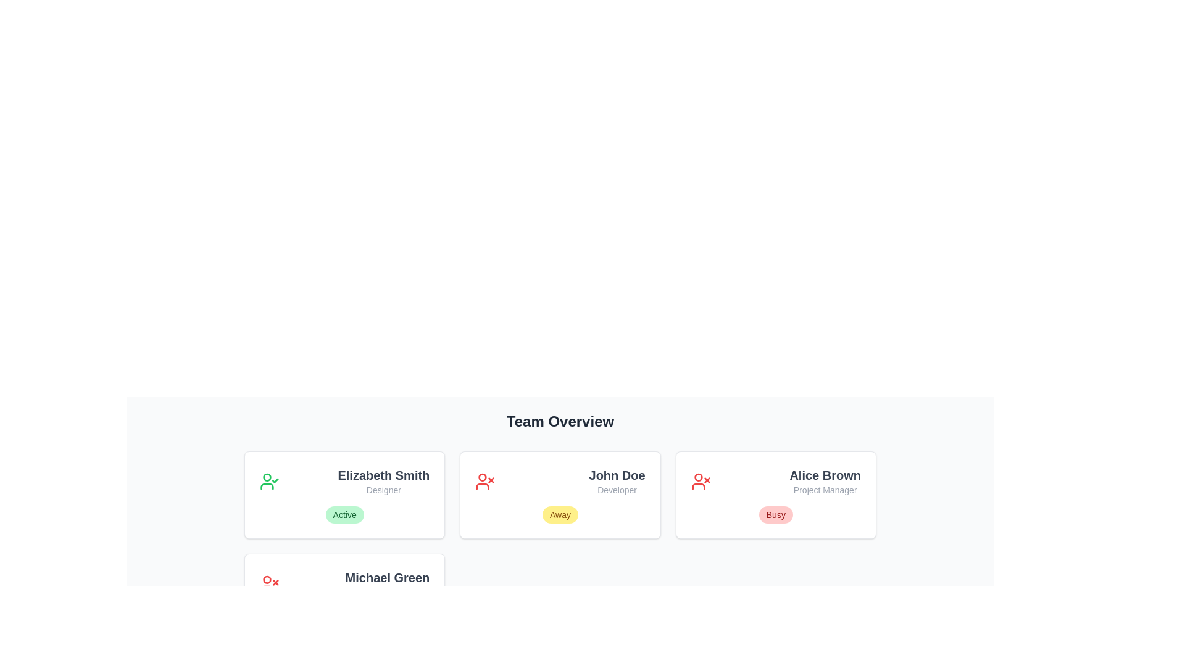 The image size is (1185, 666). I want to click on the text label displaying 'Alice Brown', which is the second text line in the rightmost card of the second row in the 'Team Overview' grid, so click(825, 489).